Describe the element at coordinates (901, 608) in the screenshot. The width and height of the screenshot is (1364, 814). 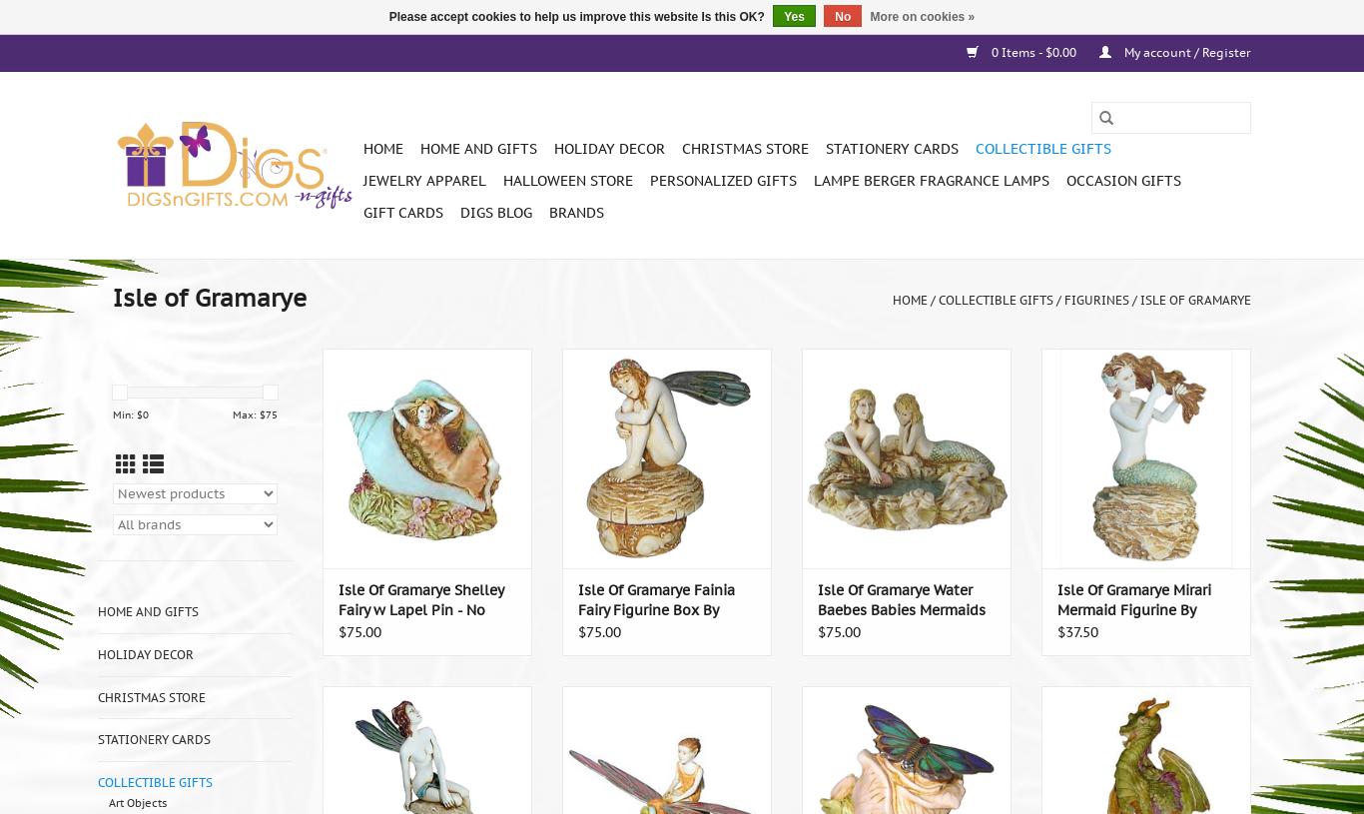
I see `'Isle Of Gramarye Water Baebes Babies Mermaids by Pond by Robert Glover'` at that location.